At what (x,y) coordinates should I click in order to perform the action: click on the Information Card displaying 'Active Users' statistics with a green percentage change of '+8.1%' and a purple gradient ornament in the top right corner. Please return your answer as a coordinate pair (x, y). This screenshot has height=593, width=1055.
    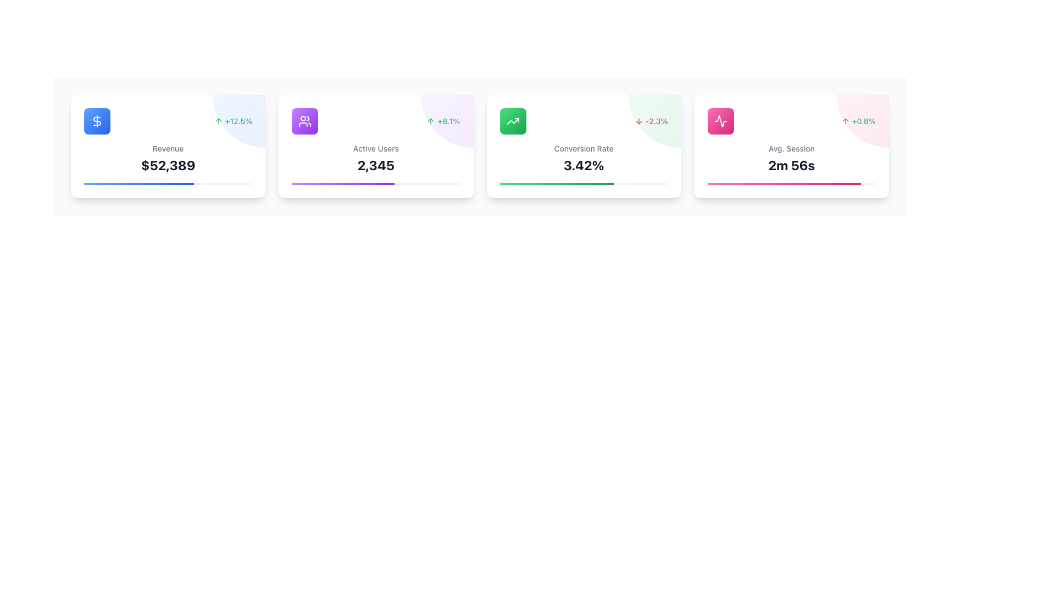
    Looking at the image, I should click on (376, 146).